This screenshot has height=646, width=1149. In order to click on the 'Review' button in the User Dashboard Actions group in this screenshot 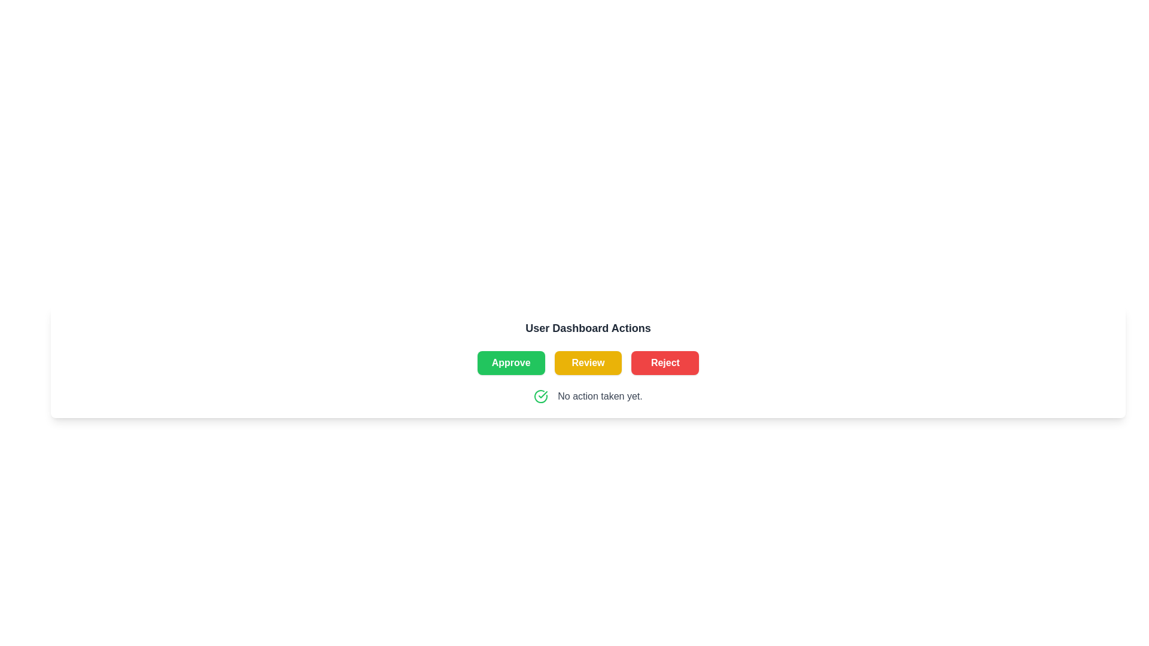, I will do `click(588, 362)`.